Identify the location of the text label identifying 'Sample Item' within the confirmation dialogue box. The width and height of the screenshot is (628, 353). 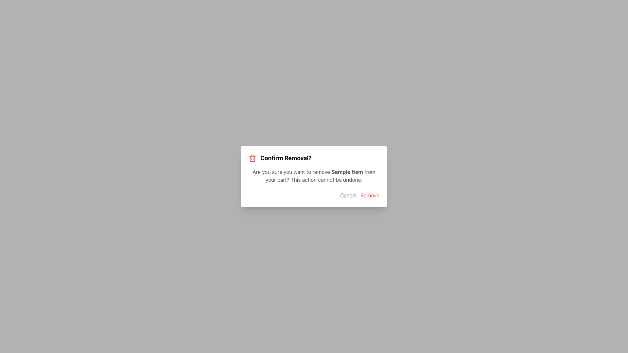
(347, 171).